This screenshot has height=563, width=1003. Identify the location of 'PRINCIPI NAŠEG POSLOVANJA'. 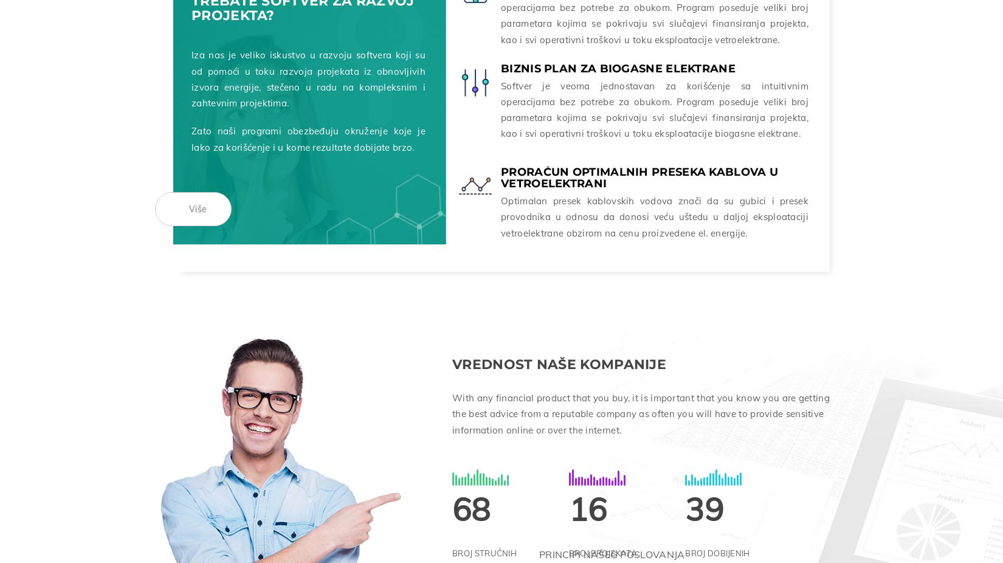
(612, 552).